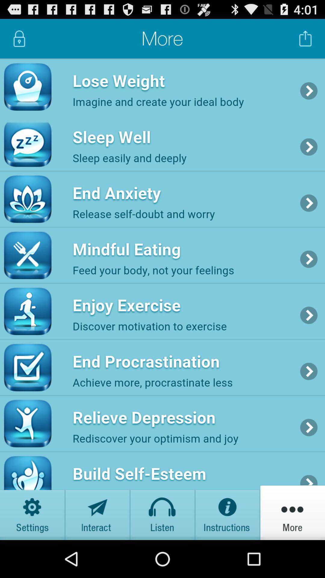 This screenshot has width=325, height=578. What do you see at coordinates (292, 548) in the screenshot?
I see `the more icon` at bounding box center [292, 548].